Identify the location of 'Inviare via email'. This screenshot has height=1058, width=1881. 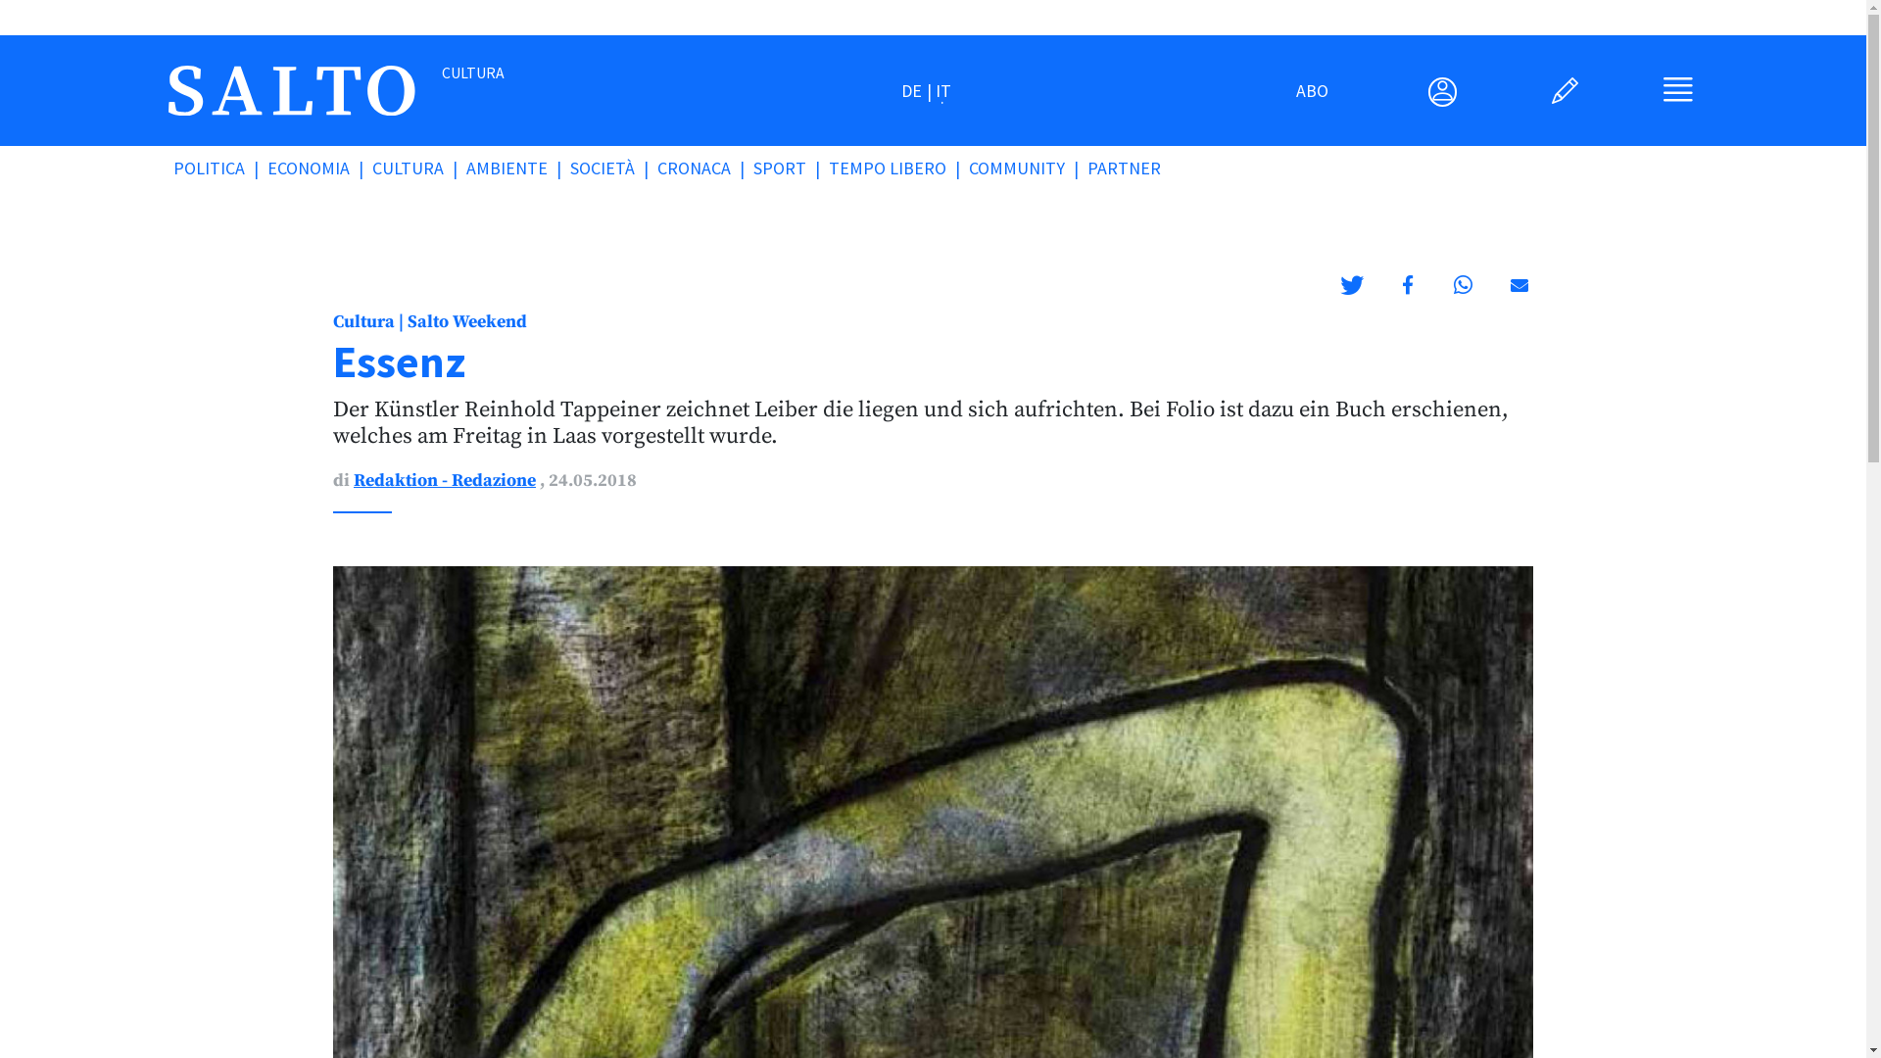
(1518, 283).